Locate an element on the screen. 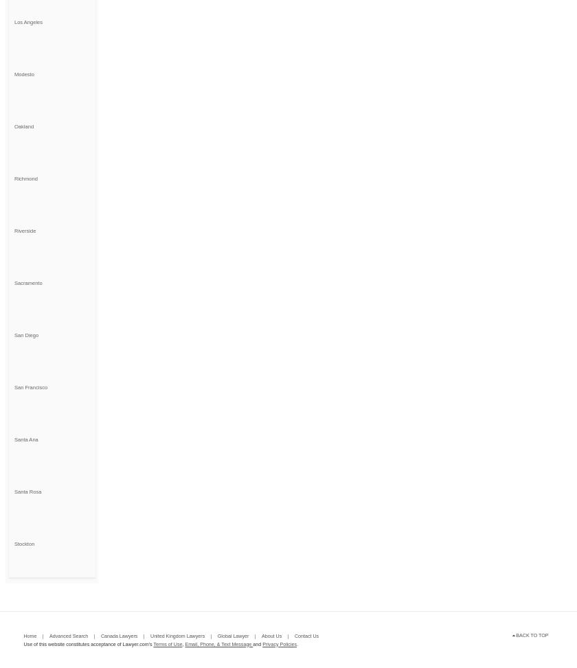  'Sacramento' is located at coordinates (27, 281).